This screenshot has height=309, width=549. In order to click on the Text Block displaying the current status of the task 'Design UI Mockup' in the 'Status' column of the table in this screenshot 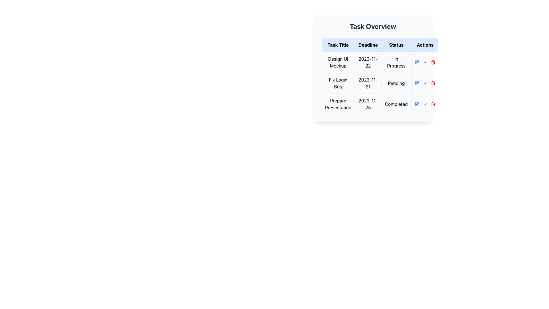, I will do `click(396, 62)`.